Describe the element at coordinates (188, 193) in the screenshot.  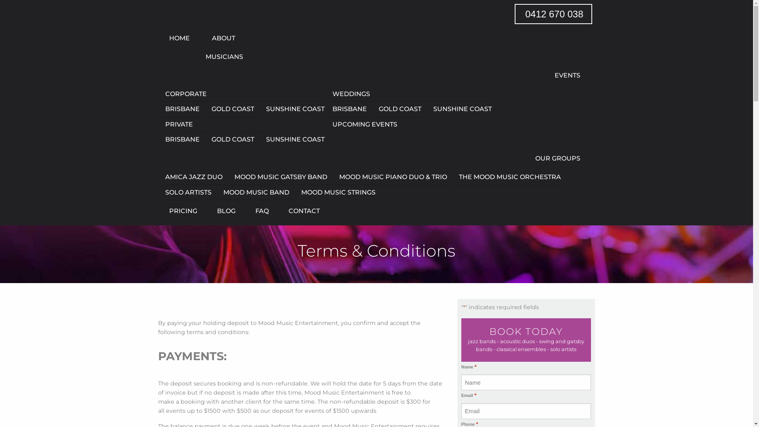
I see `'SOLO ARTISTS'` at that location.